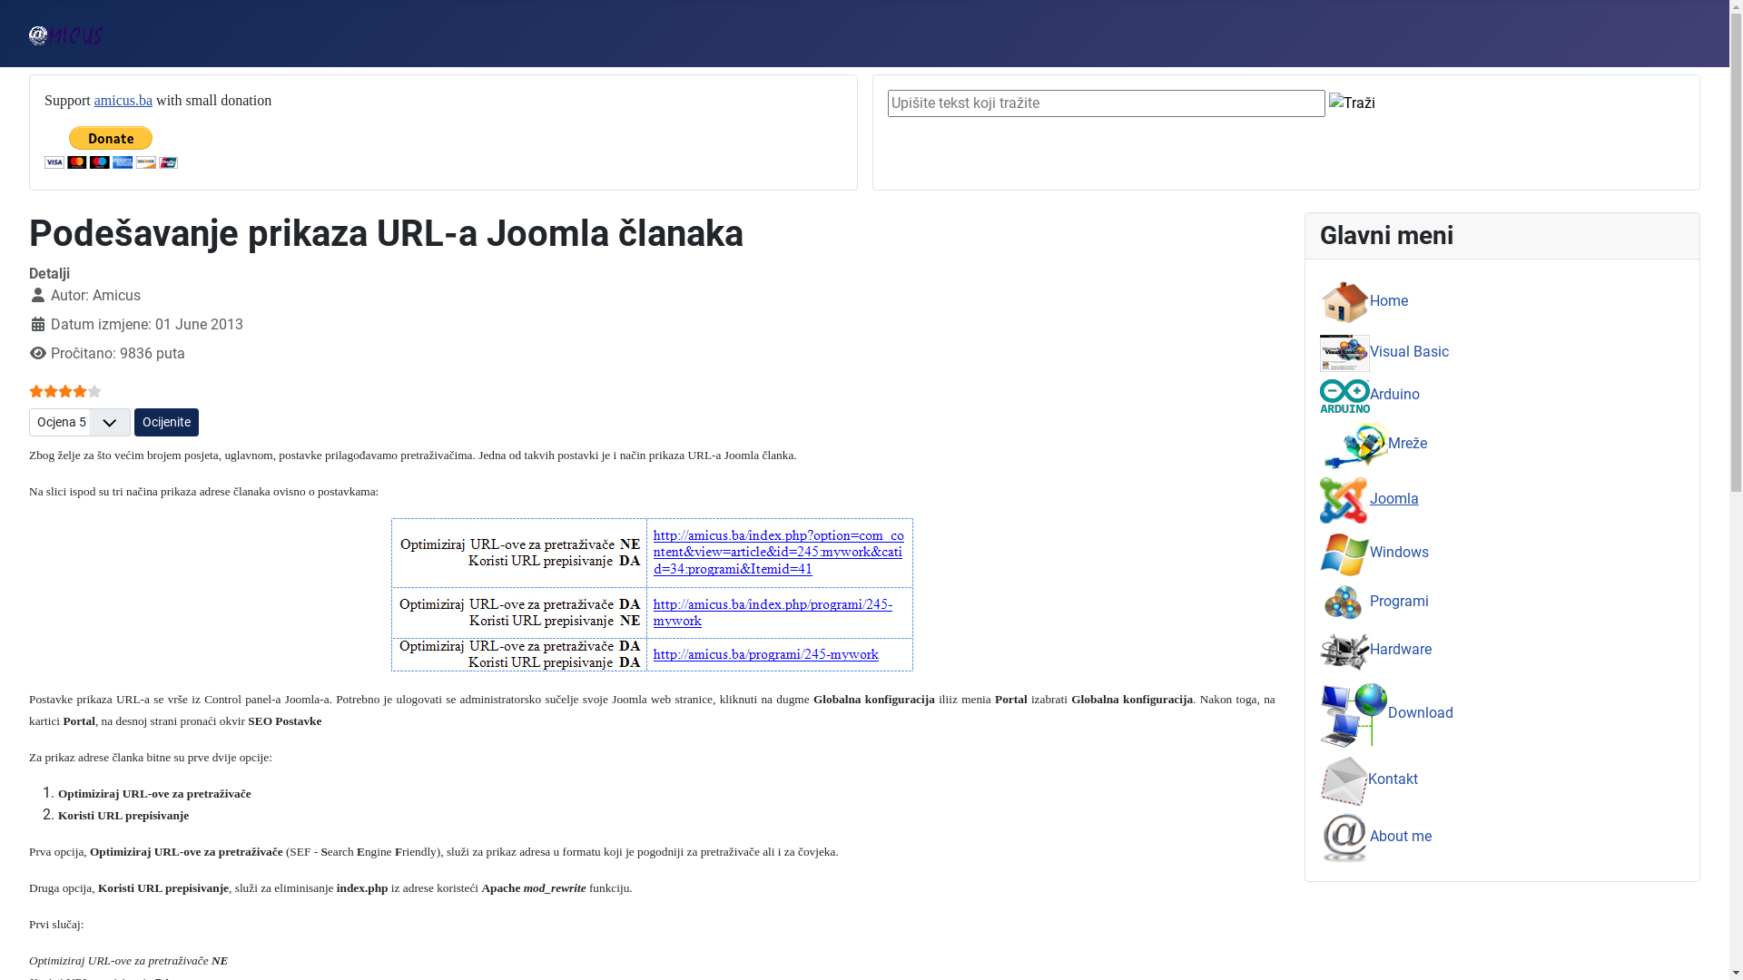 This screenshot has height=980, width=1743. Describe the element at coordinates (122, 100) in the screenshot. I see `'amicus.ba'` at that location.